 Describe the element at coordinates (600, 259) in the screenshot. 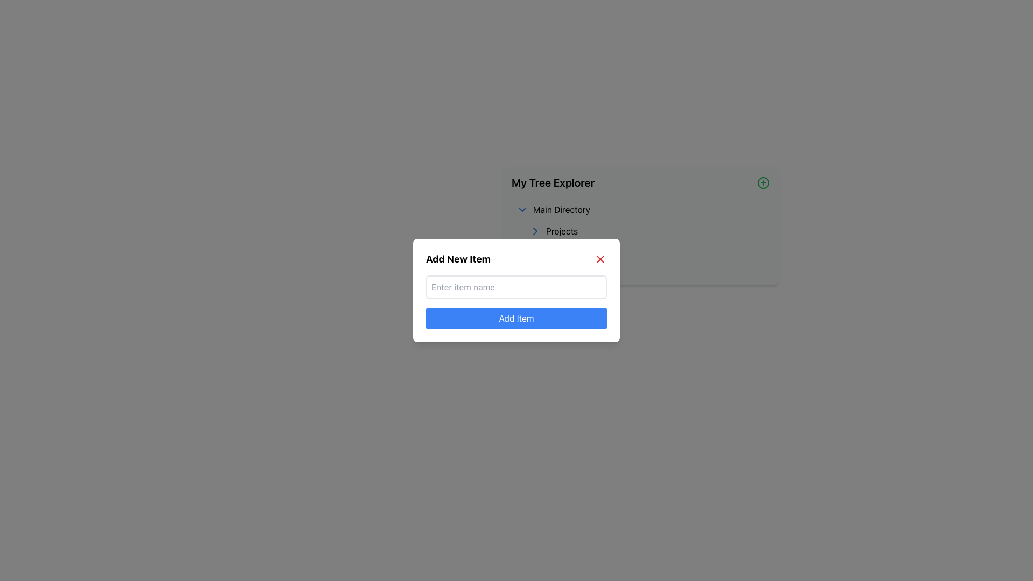

I see `the red cross-shaped button at the top-right corner of the 'Add New Item' dialog` at that location.